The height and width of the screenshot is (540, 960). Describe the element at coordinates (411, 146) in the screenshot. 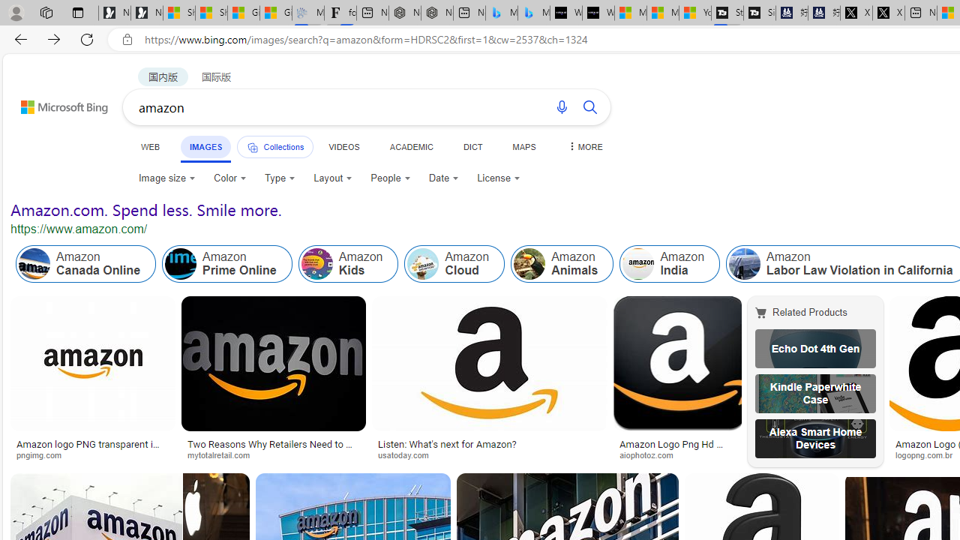

I see `'ACADEMIC'` at that location.